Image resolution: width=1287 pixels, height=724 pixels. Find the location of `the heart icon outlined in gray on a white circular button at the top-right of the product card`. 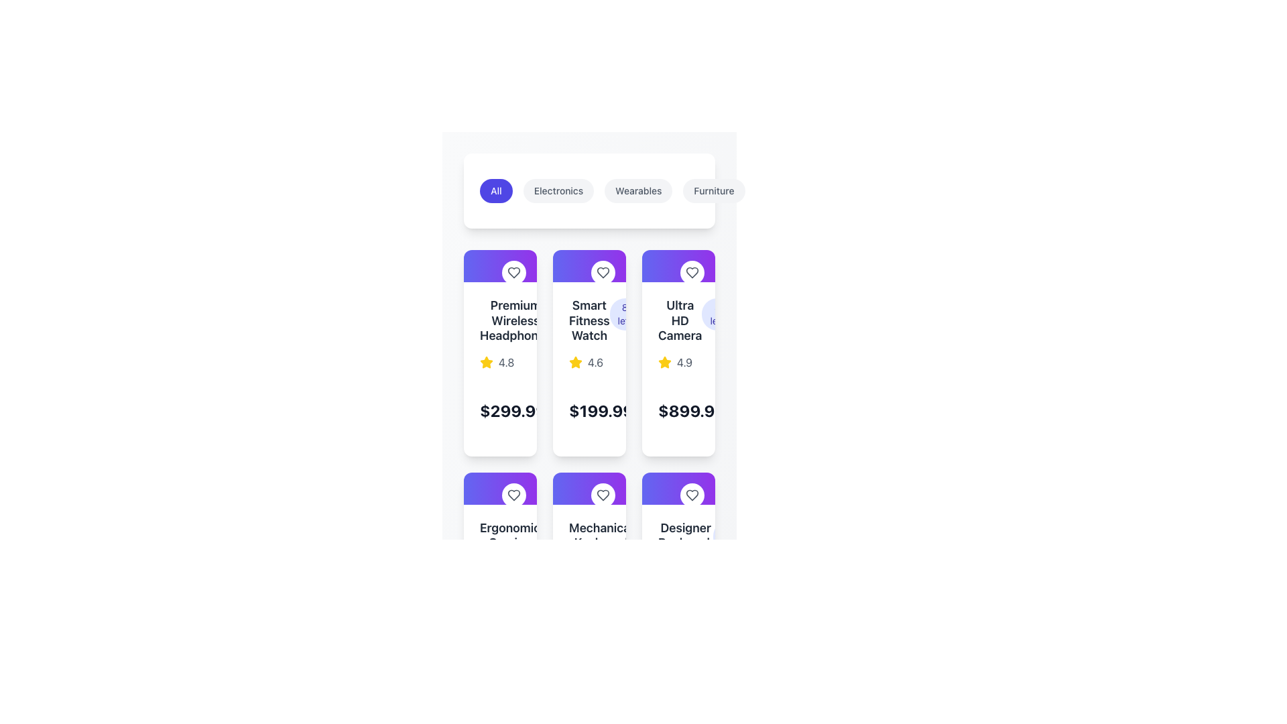

the heart icon outlined in gray on a white circular button at the top-right of the product card is located at coordinates (692, 495).